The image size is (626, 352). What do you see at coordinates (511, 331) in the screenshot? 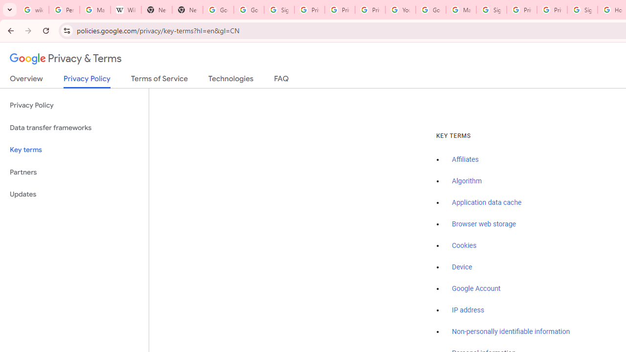
I see `'Non-personally identifiable information'` at bounding box center [511, 331].